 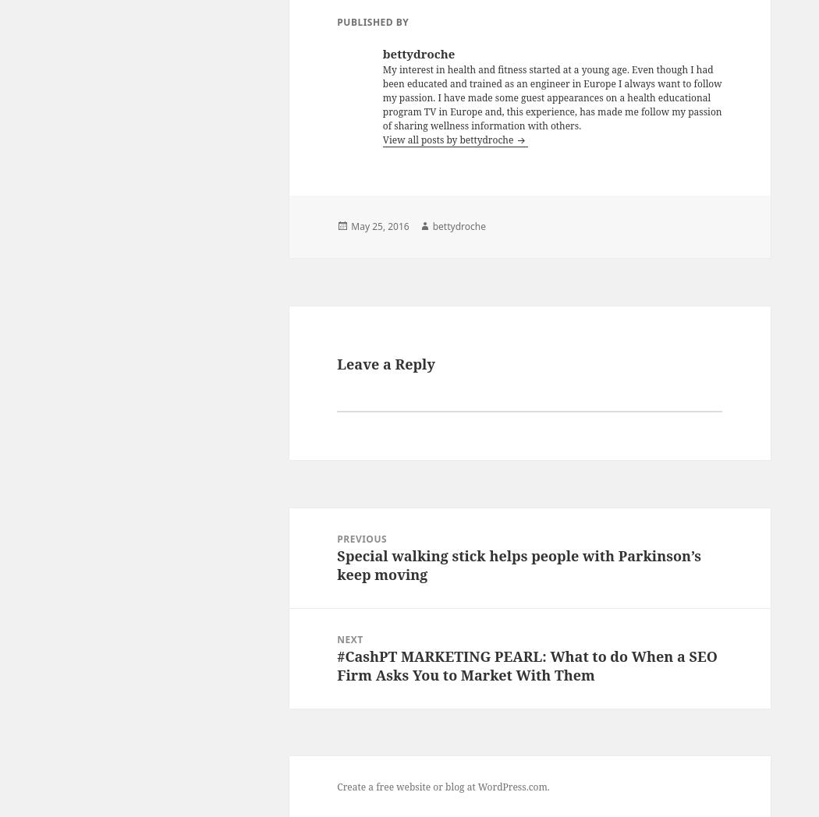 What do you see at coordinates (448, 138) in the screenshot?
I see `'View all posts by bettydroche'` at bounding box center [448, 138].